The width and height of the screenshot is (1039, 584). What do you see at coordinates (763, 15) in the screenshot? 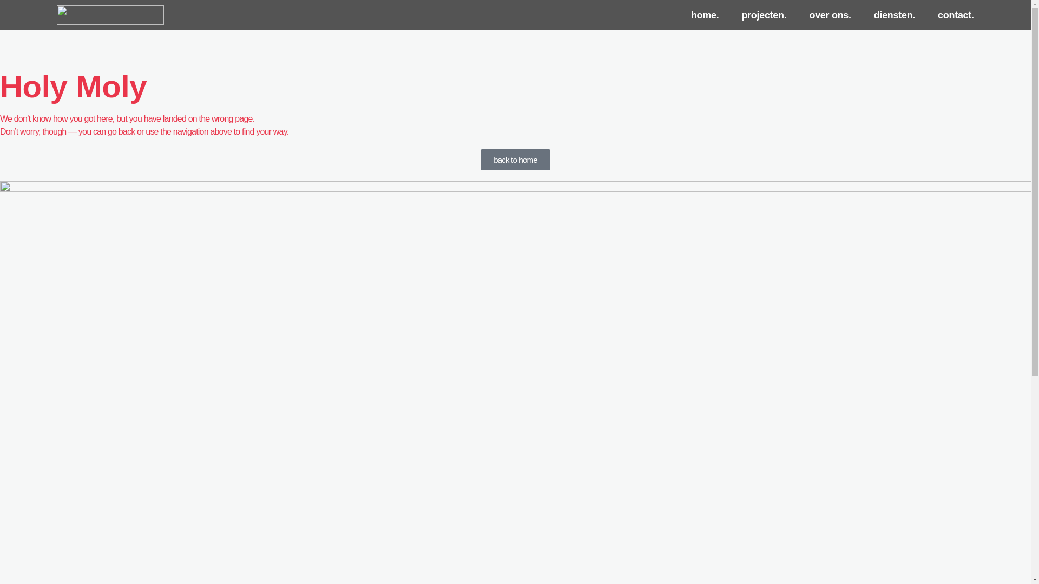
I see `'projecten.'` at bounding box center [763, 15].